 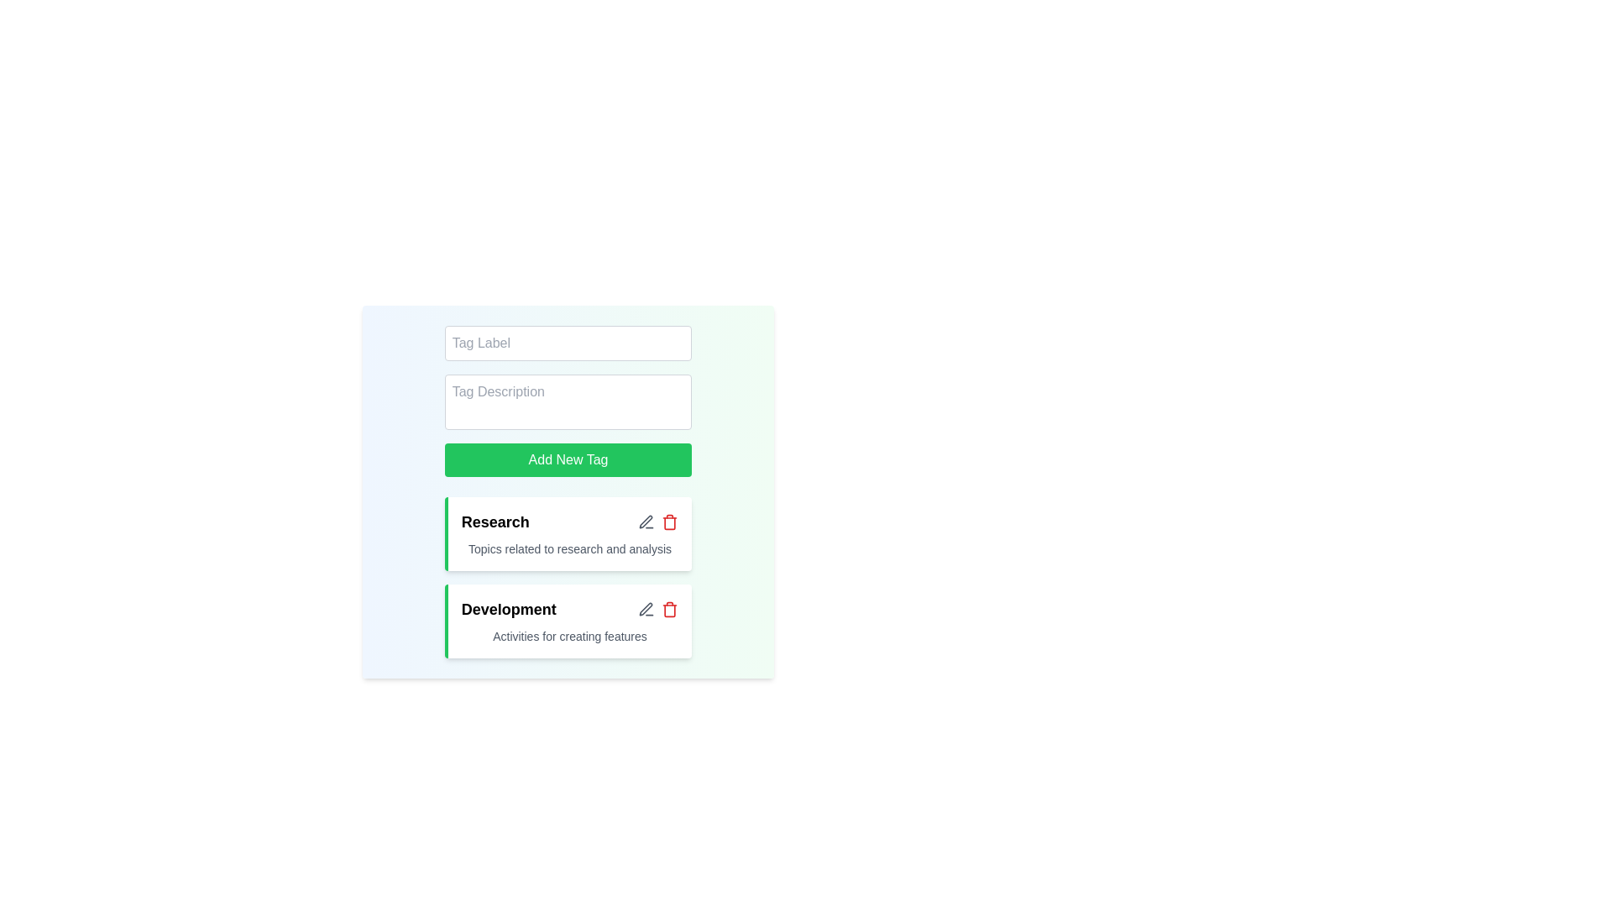 What do you see at coordinates (669, 521) in the screenshot?
I see `the 'Remove' button represented by the trash icon located on the far right of the row next to the label 'Research'` at bounding box center [669, 521].